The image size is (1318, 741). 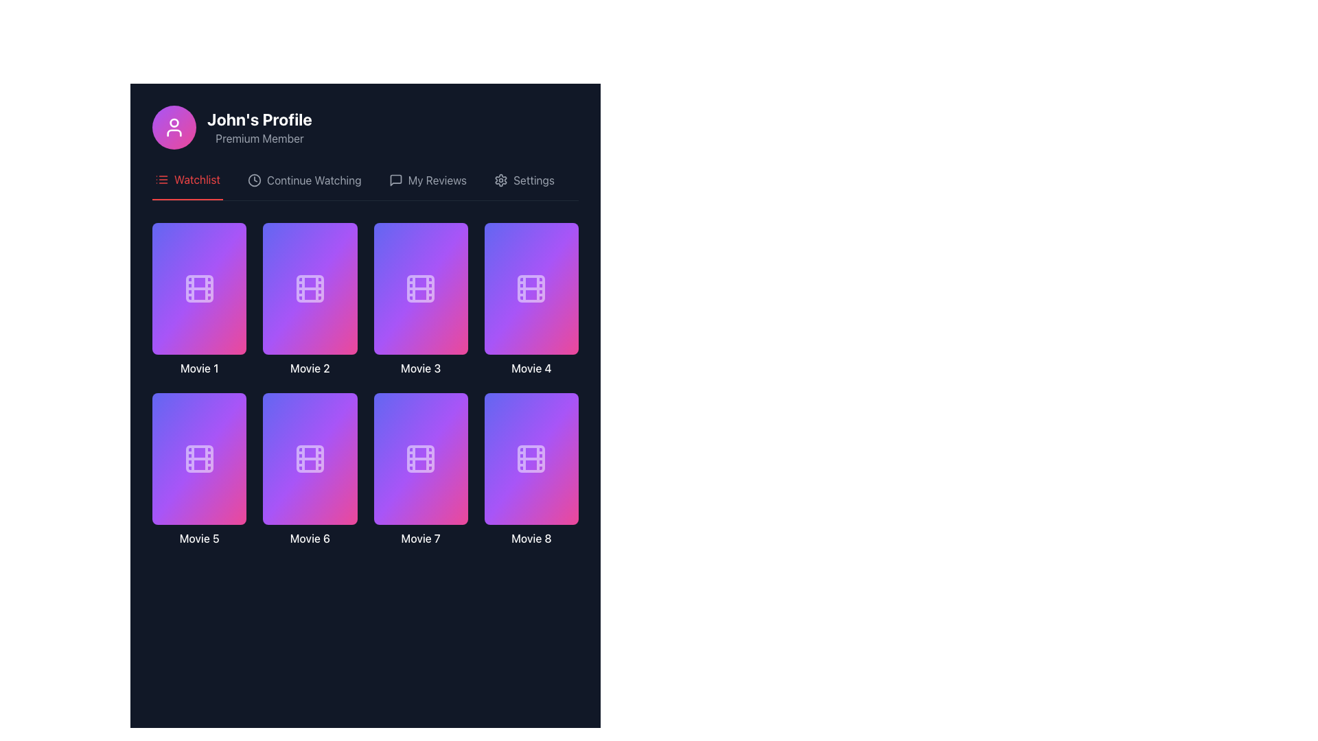 What do you see at coordinates (309, 458) in the screenshot?
I see `the 'Movie 6' media thumbnail to bring focus or display additional information` at bounding box center [309, 458].